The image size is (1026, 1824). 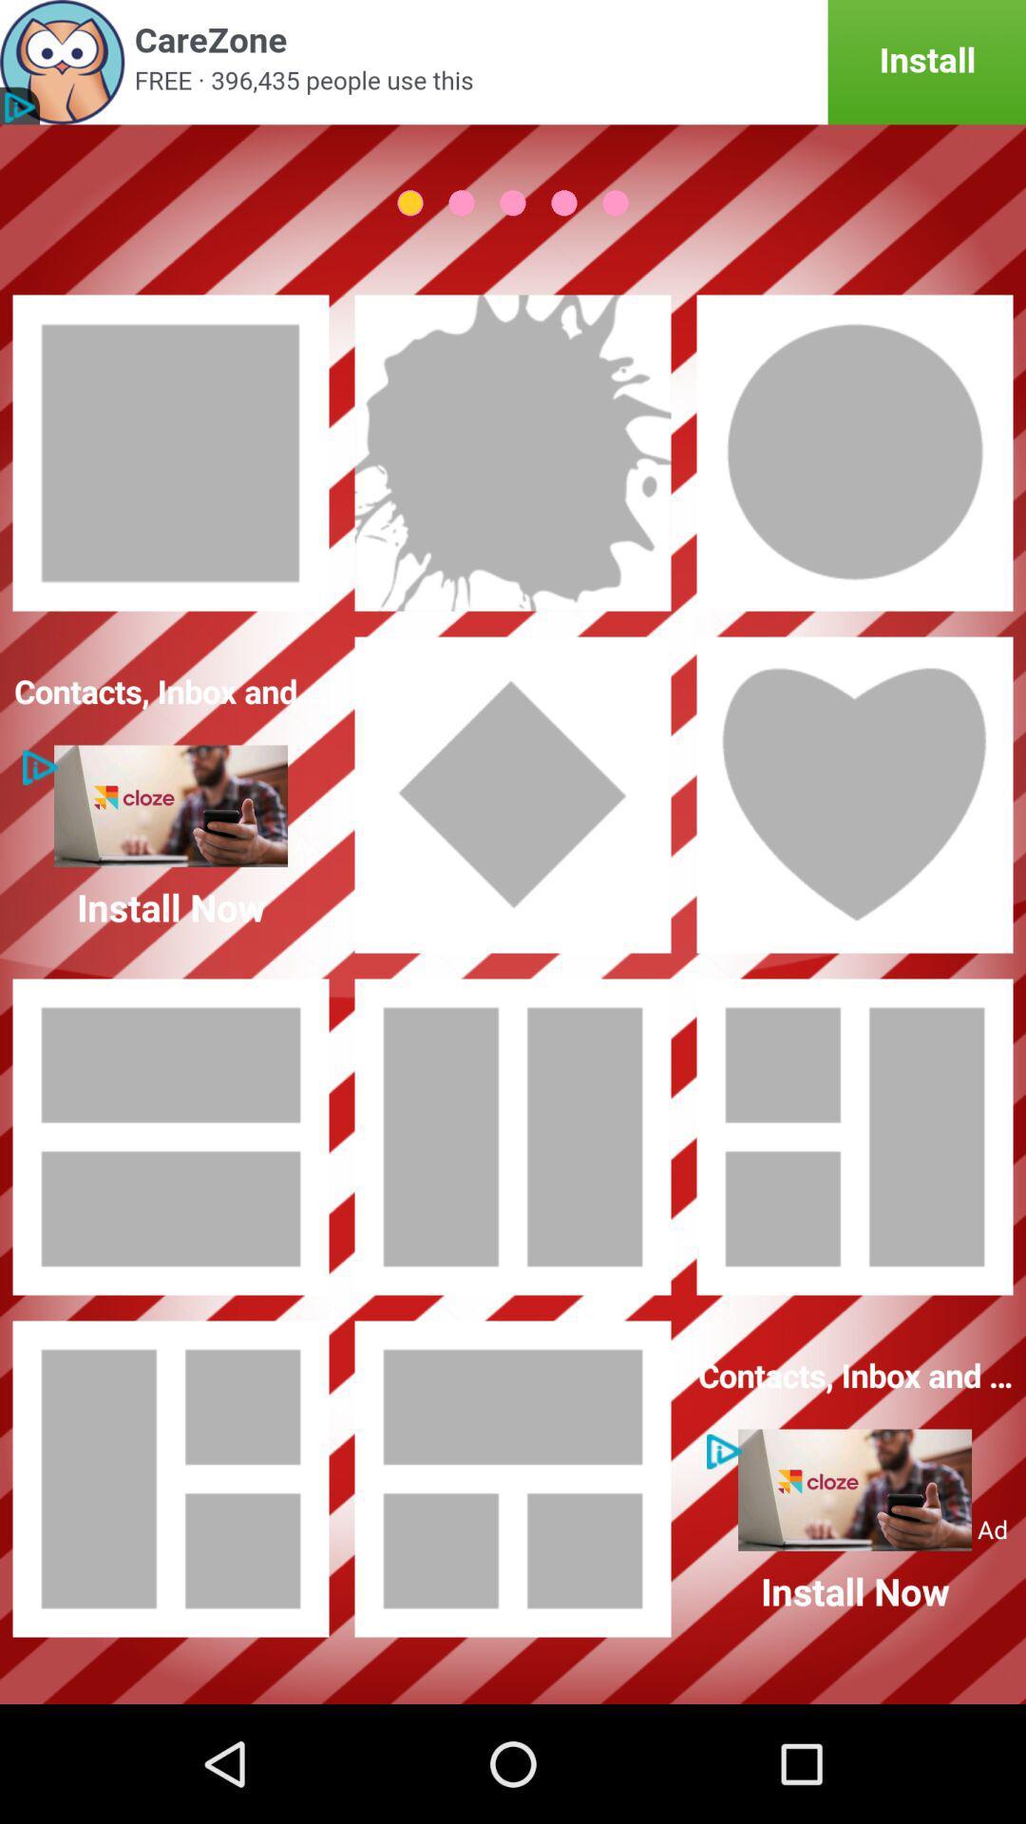 What do you see at coordinates (513, 794) in the screenshot?
I see `this layout` at bounding box center [513, 794].